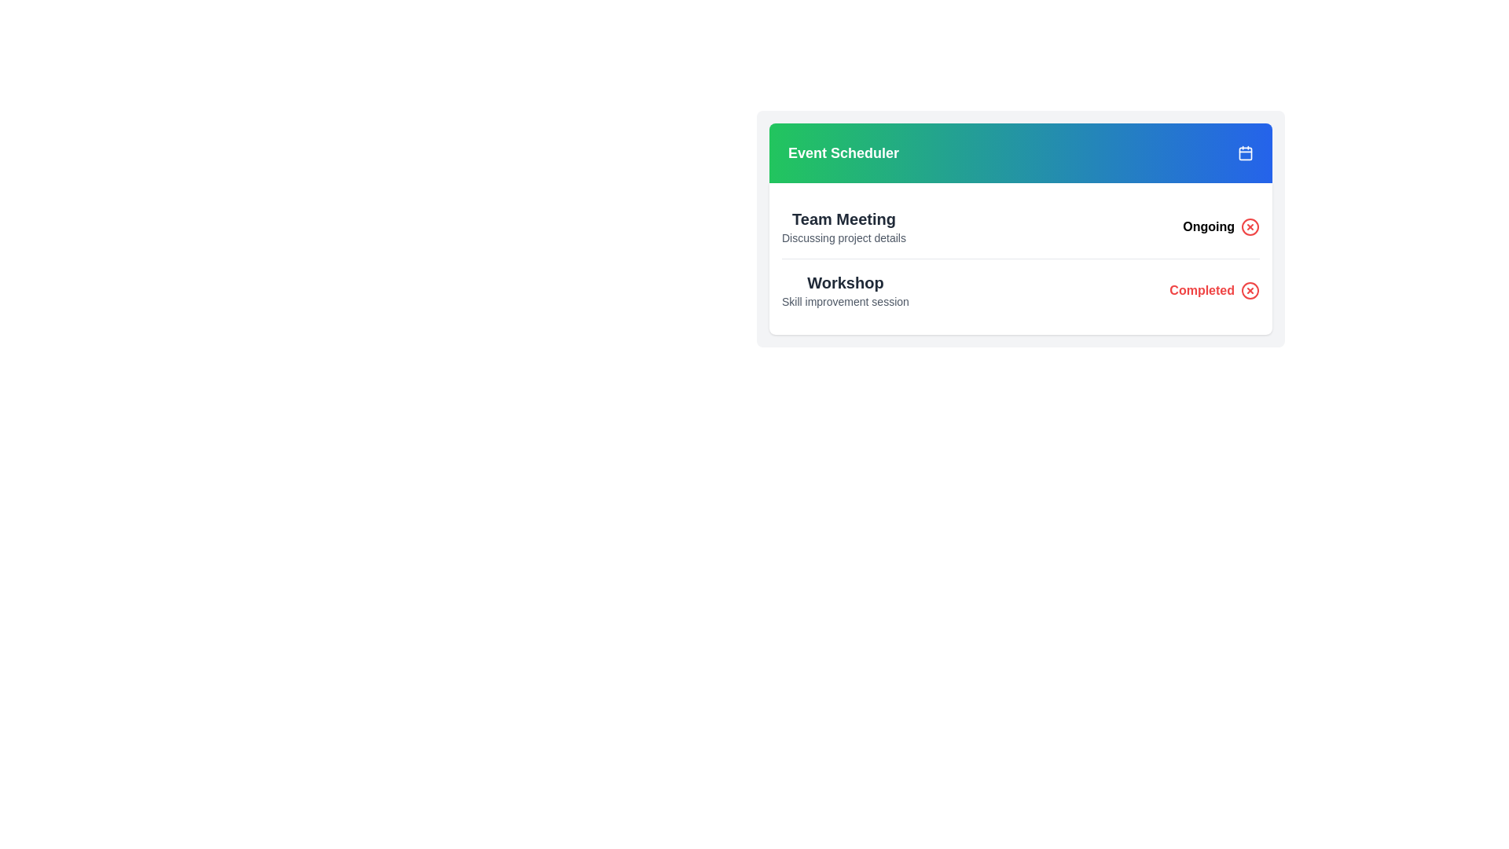 Image resolution: width=1509 pixels, height=849 pixels. What do you see at coordinates (844, 281) in the screenshot?
I see `the static text label displaying 'Workshop' in an extra-large, bold, dark gray font located in the middle section of the 'Event Scheduler' card layout` at bounding box center [844, 281].